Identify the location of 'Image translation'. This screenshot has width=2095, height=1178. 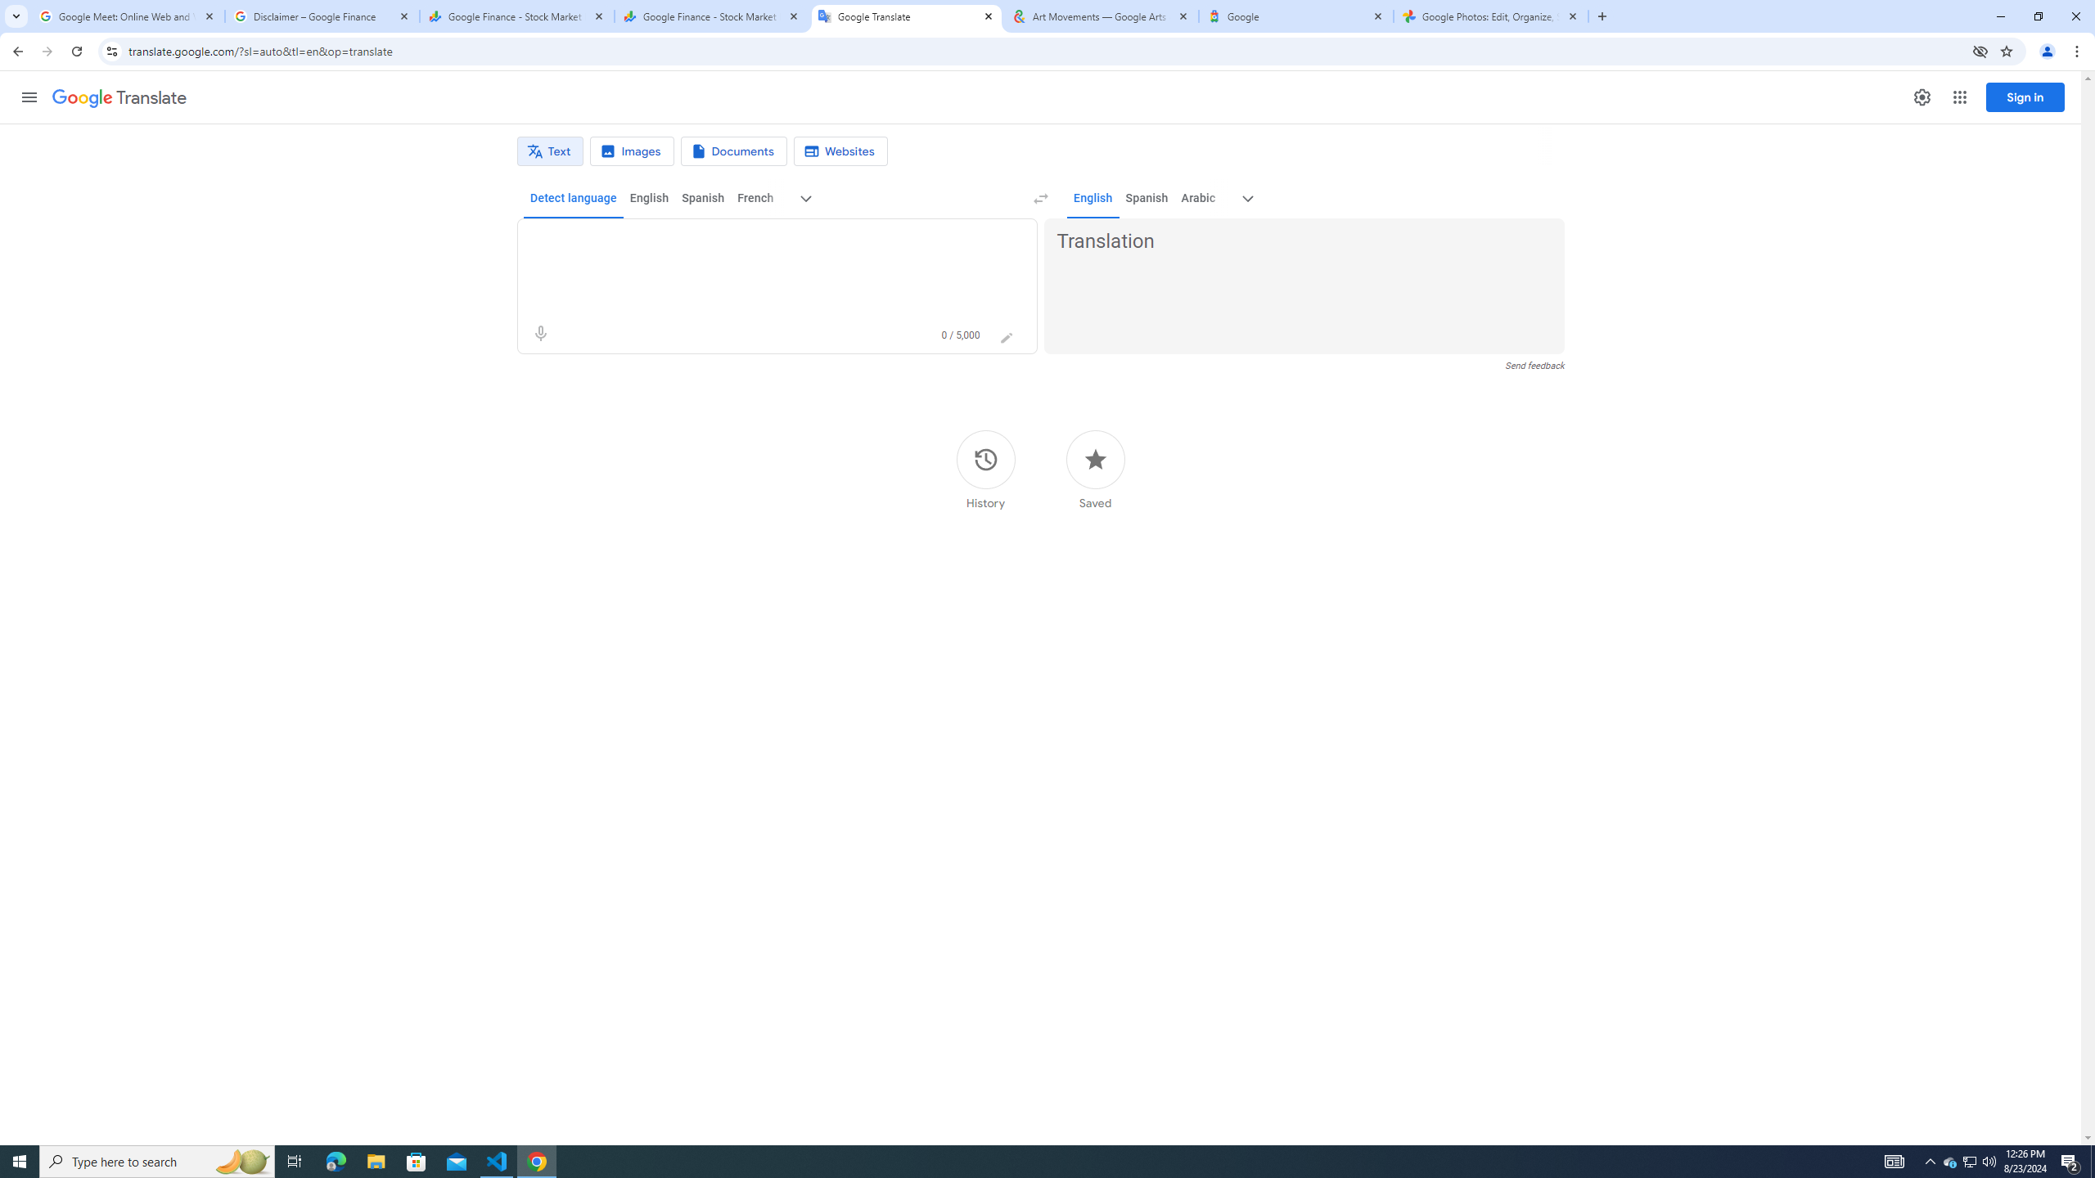
(633, 151).